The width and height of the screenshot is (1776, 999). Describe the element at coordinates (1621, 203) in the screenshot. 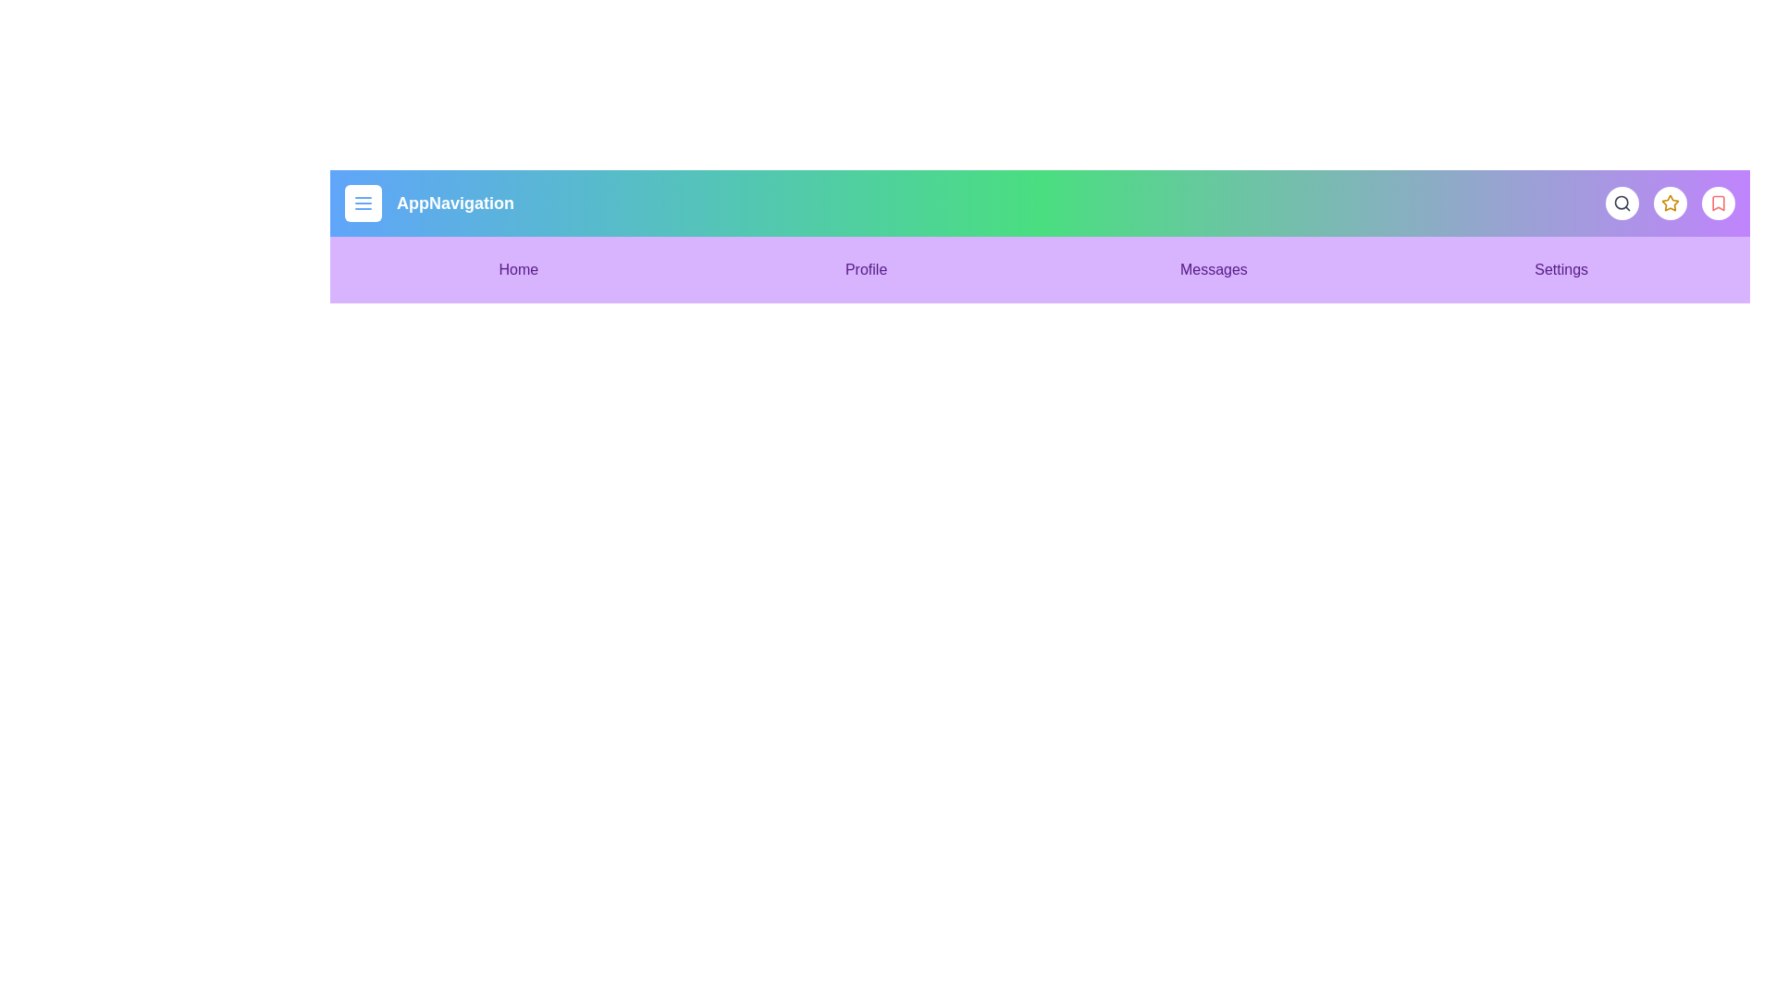

I see `the interactive element at search_button` at that location.